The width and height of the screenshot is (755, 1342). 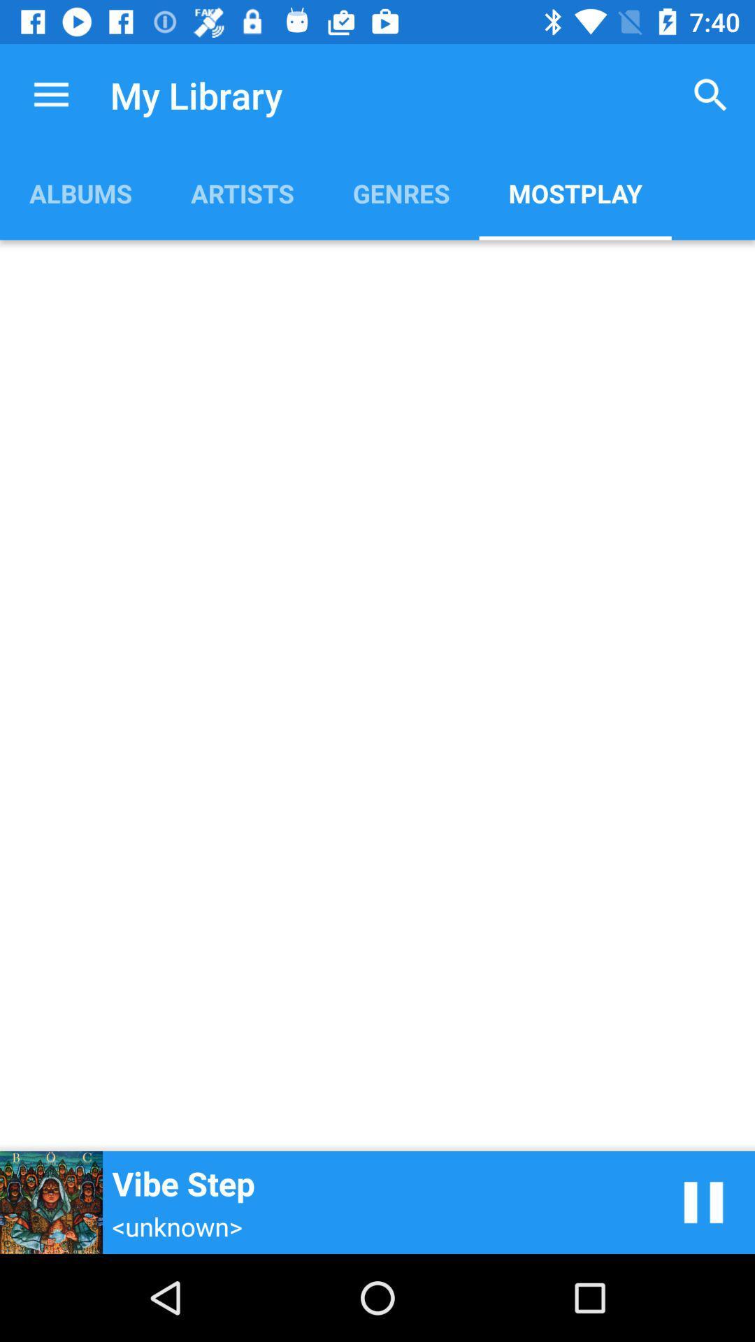 I want to click on the icon next to genres item, so click(x=575, y=192).